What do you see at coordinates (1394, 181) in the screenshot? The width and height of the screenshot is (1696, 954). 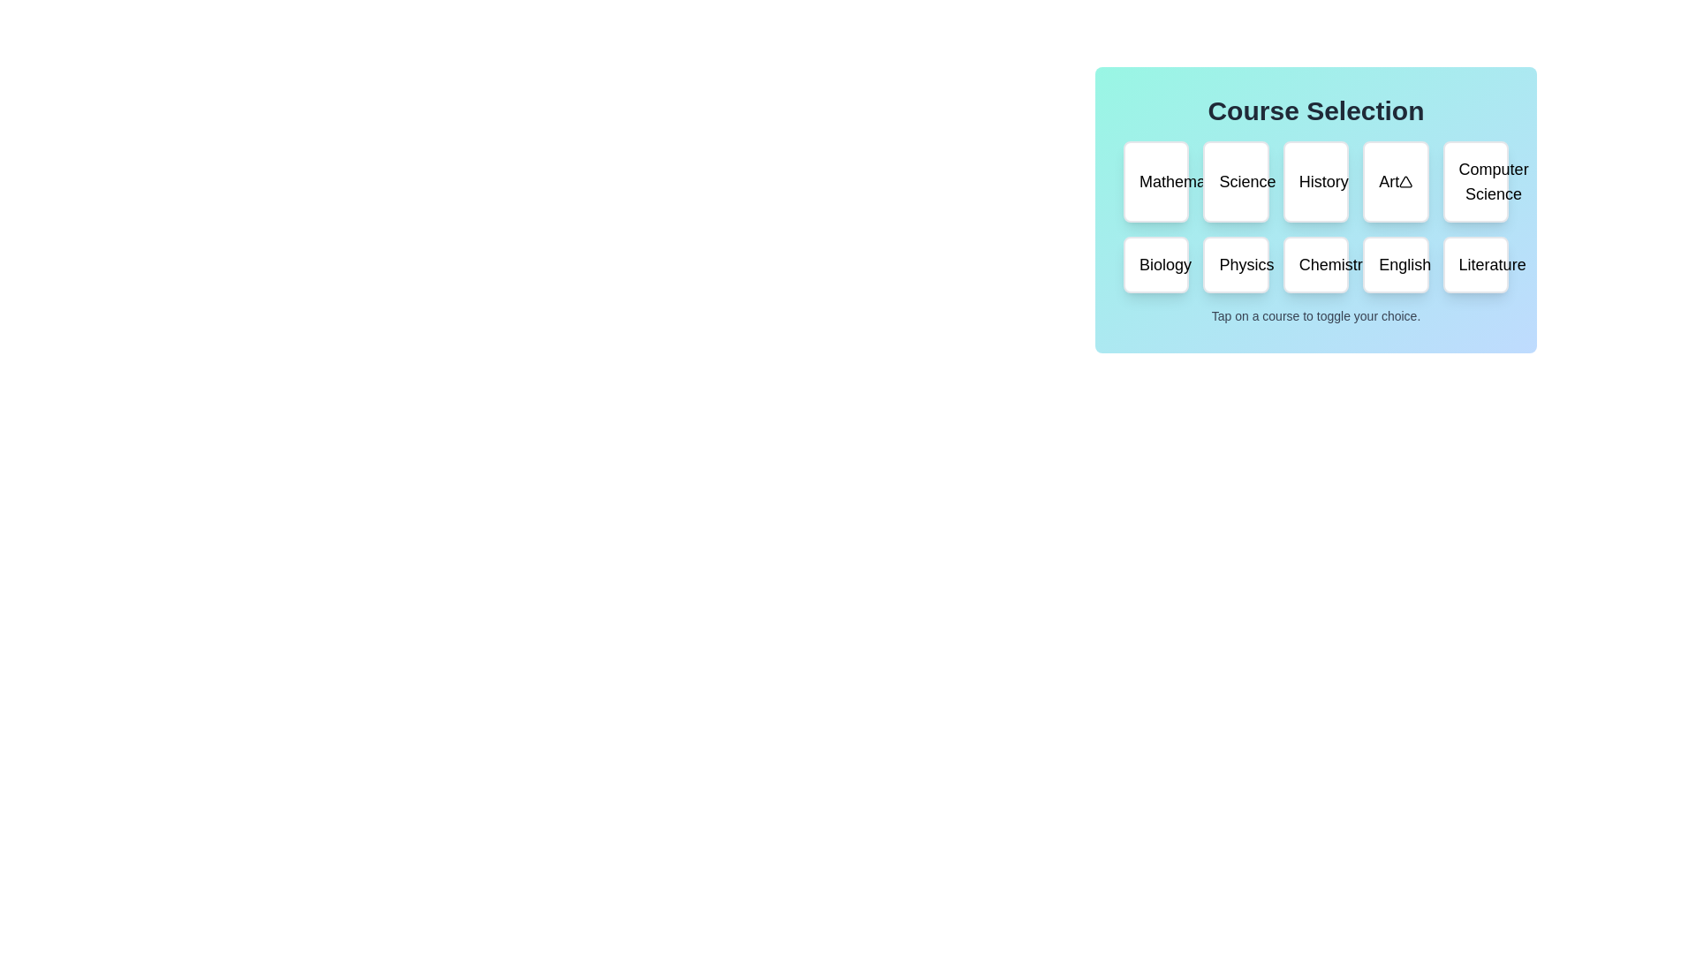 I see `the course Art` at bounding box center [1394, 181].